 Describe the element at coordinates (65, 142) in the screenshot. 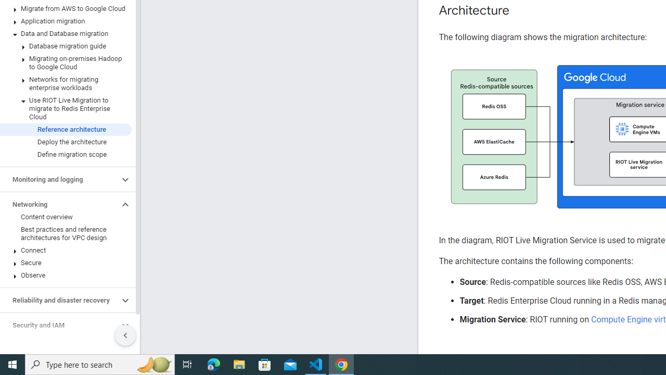

I see `'Deploy the architecture'` at that location.